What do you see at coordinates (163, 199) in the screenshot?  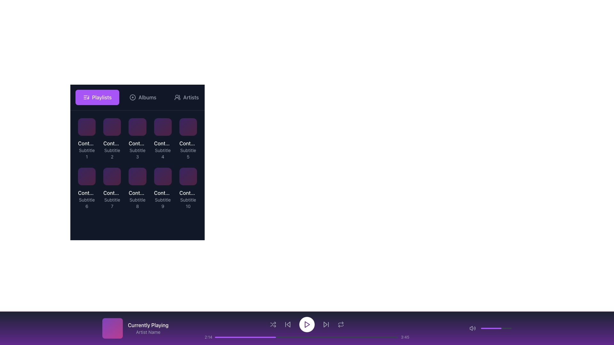 I see `the composite label displaying the title and subtitle of a selectable content item located in the bottom-left quadrant of the application interface` at bounding box center [163, 199].